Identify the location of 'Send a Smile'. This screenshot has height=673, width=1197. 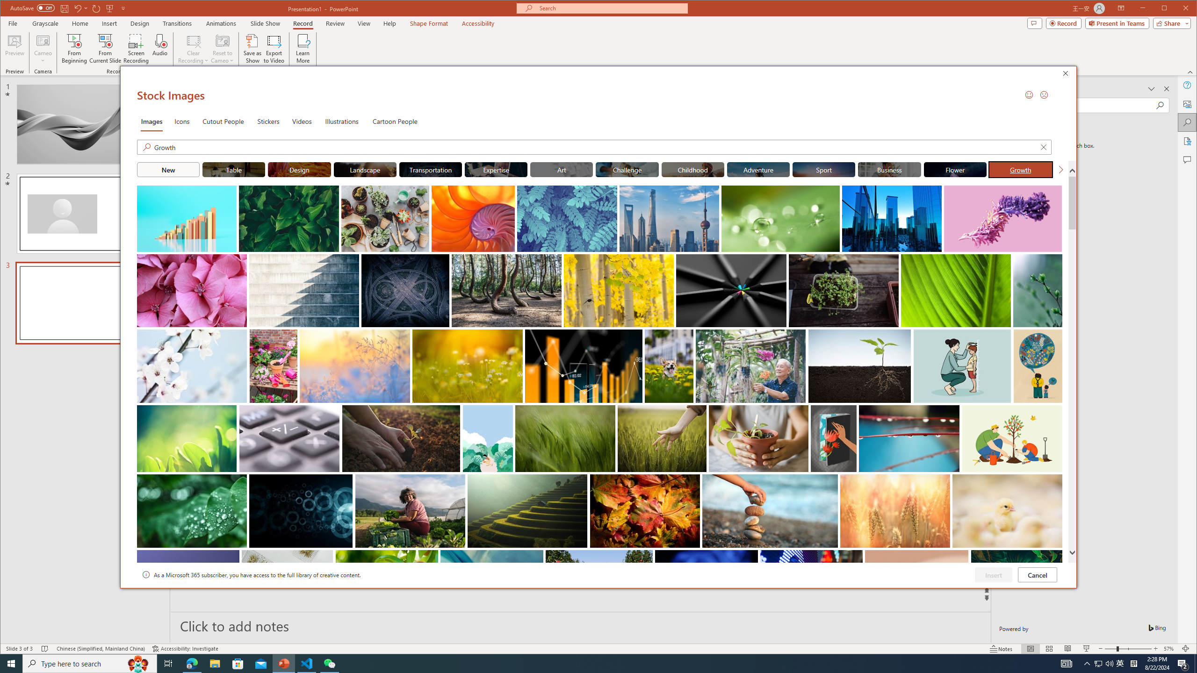
(1029, 94).